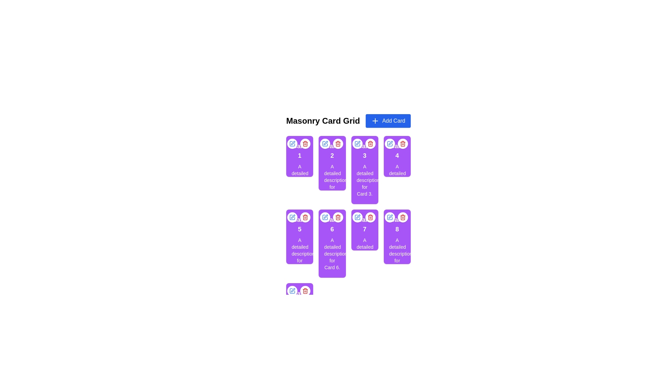 The height and width of the screenshot is (368, 655). Describe the element at coordinates (397, 254) in the screenshot. I see `descriptive text block located below the header text 'Card 8' in the fourth column and third row of the masonry grid layout` at that location.